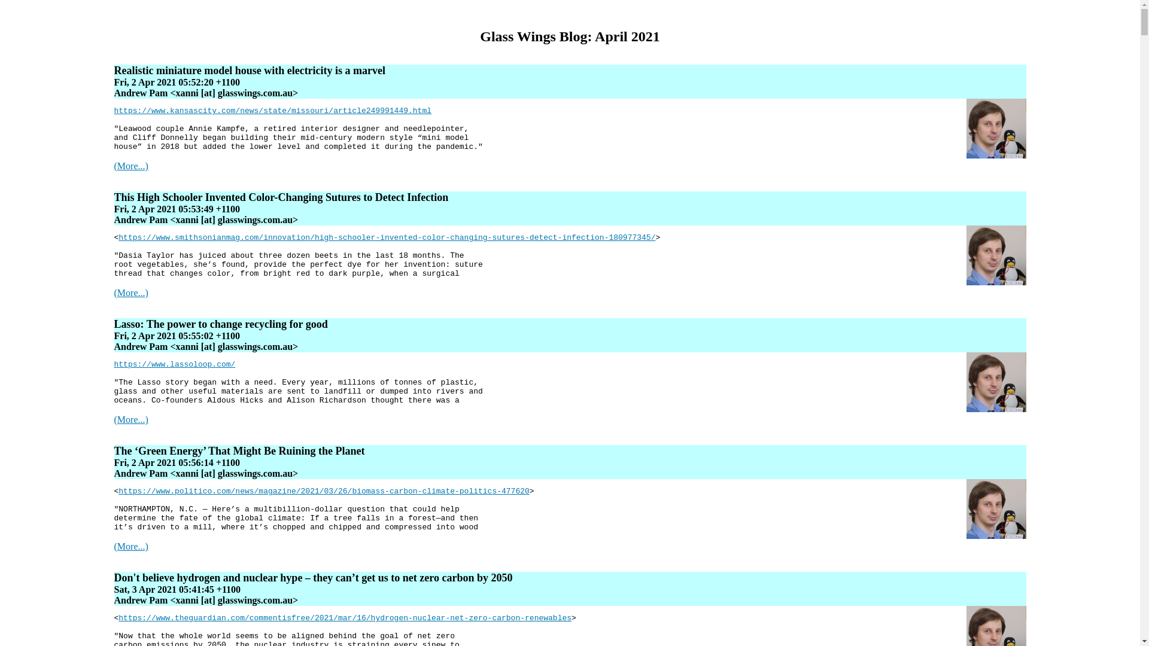 This screenshot has width=1149, height=646. Describe the element at coordinates (130, 419) in the screenshot. I see `'(More...)'` at that location.